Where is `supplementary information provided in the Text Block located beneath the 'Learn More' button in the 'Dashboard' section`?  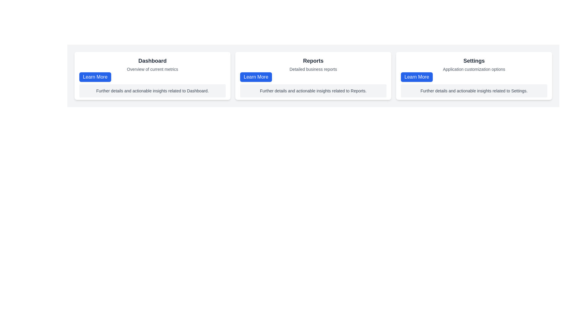 supplementary information provided in the Text Block located beneath the 'Learn More' button in the 'Dashboard' section is located at coordinates (152, 91).